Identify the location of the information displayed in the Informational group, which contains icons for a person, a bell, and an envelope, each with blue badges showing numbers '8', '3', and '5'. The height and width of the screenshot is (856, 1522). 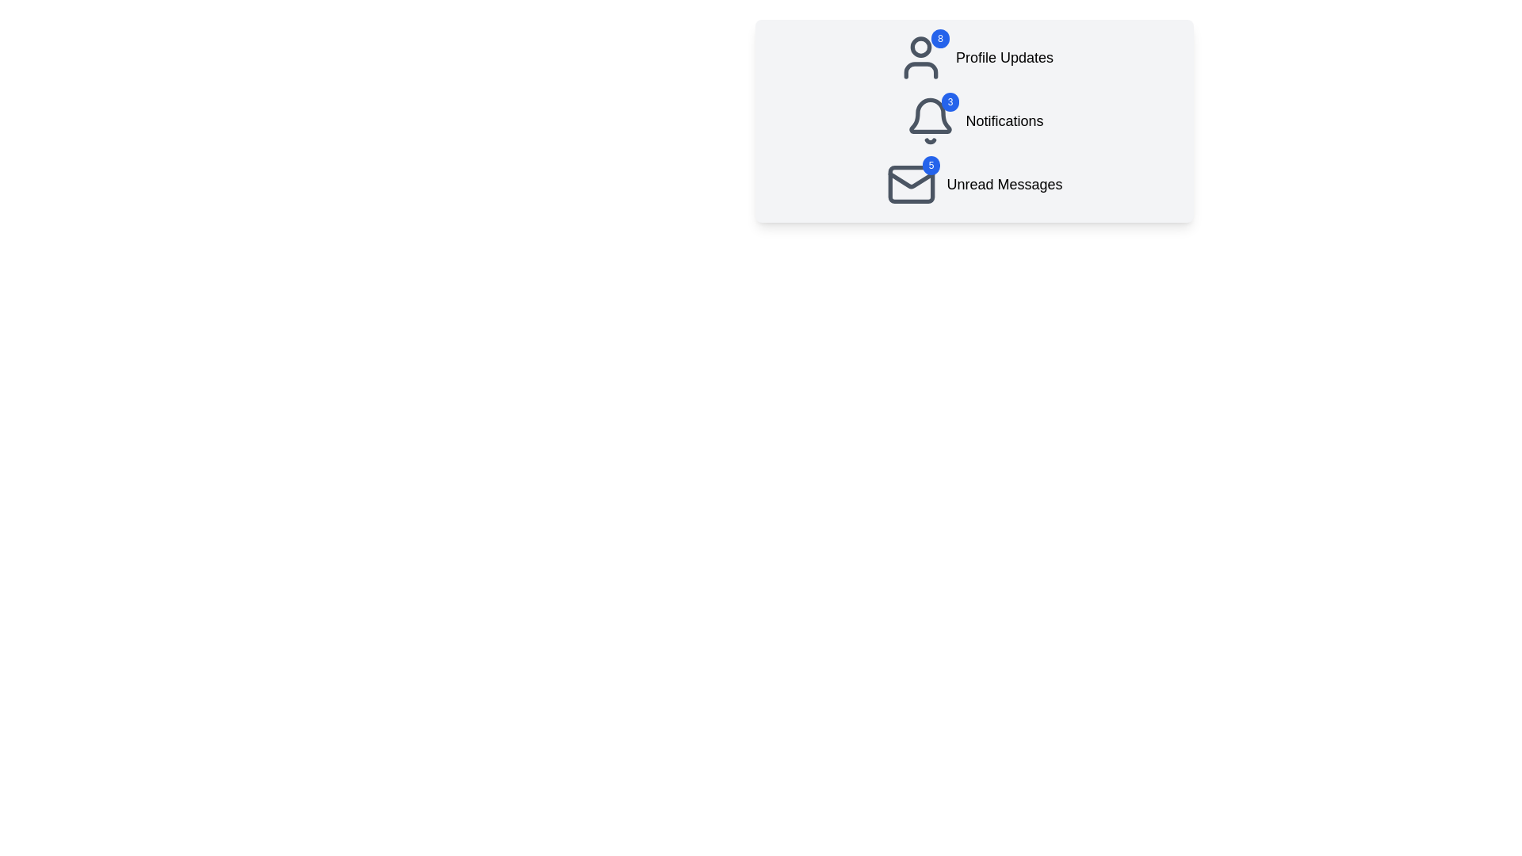
(973, 120).